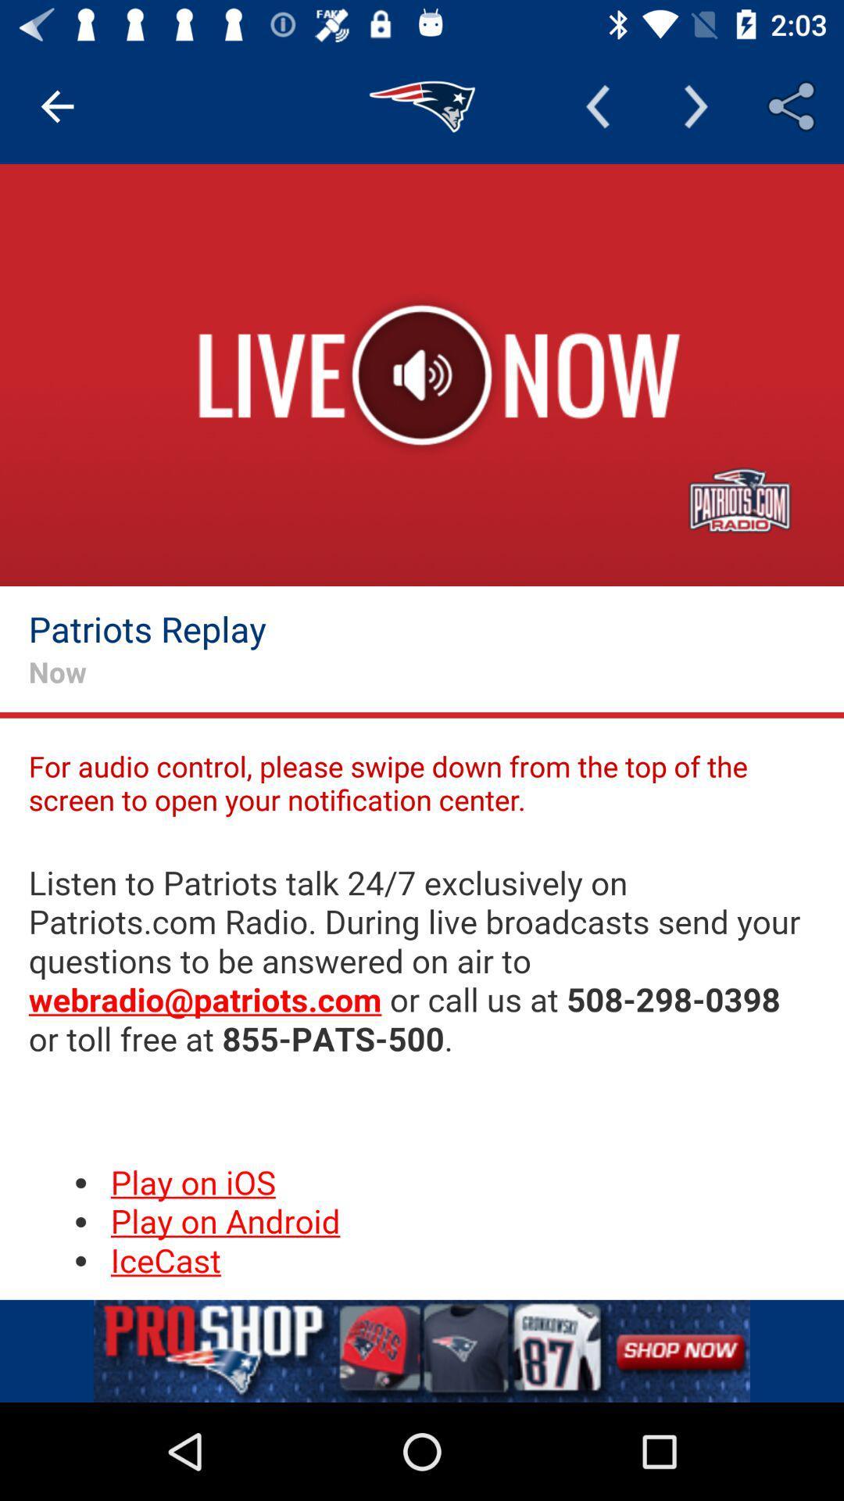 The width and height of the screenshot is (844, 1501). Describe the element at coordinates (422, 375) in the screenshot. I see `play option` at that location.